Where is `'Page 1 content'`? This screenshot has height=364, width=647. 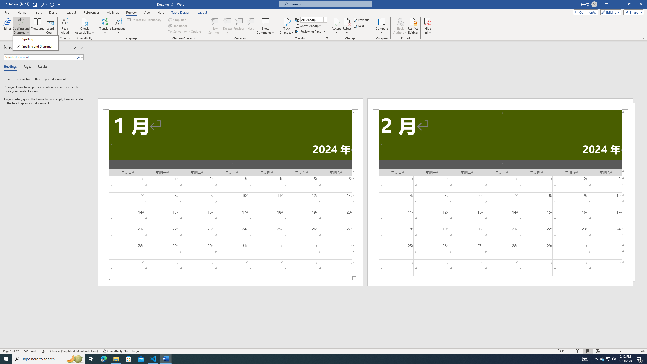
'Page 1 content' is located at coordinates (230, 195).